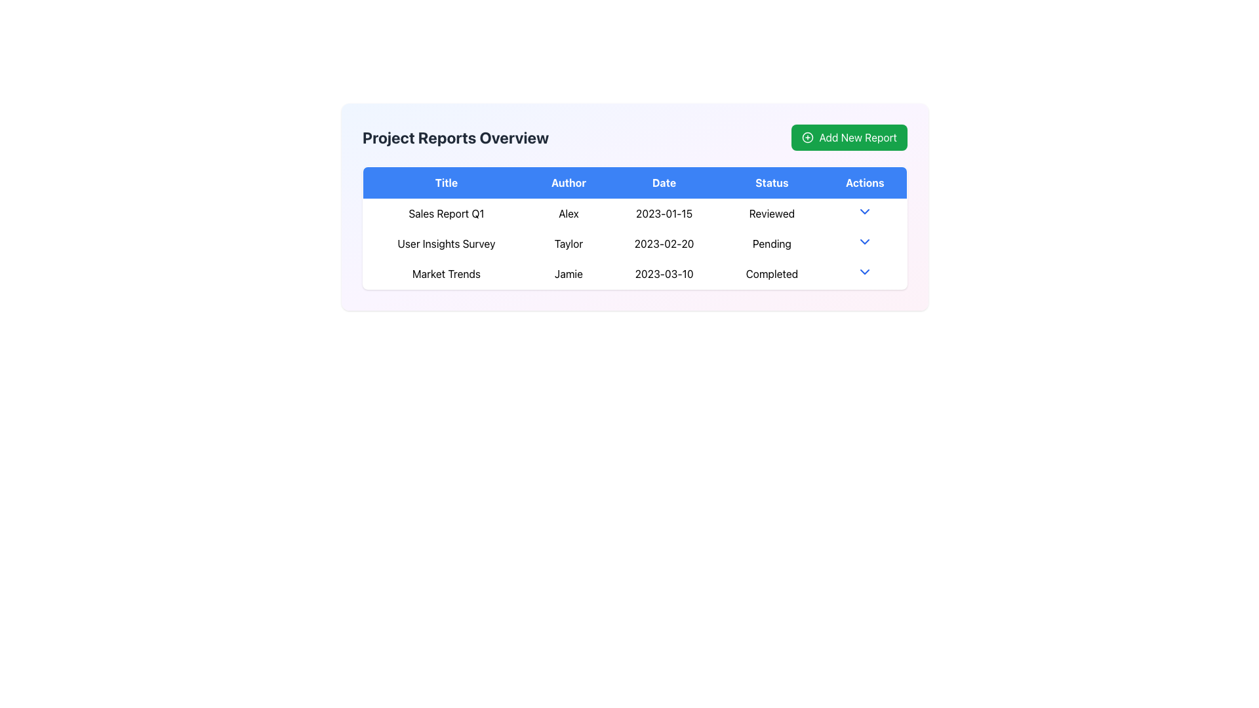 The height and width of the screenshot is (708, 1259). I want to click on the Header cell of the data table labeled 'Date', which has a blue background and white bold text, positioned as the third element in the navigation header row, so click(664, 182).